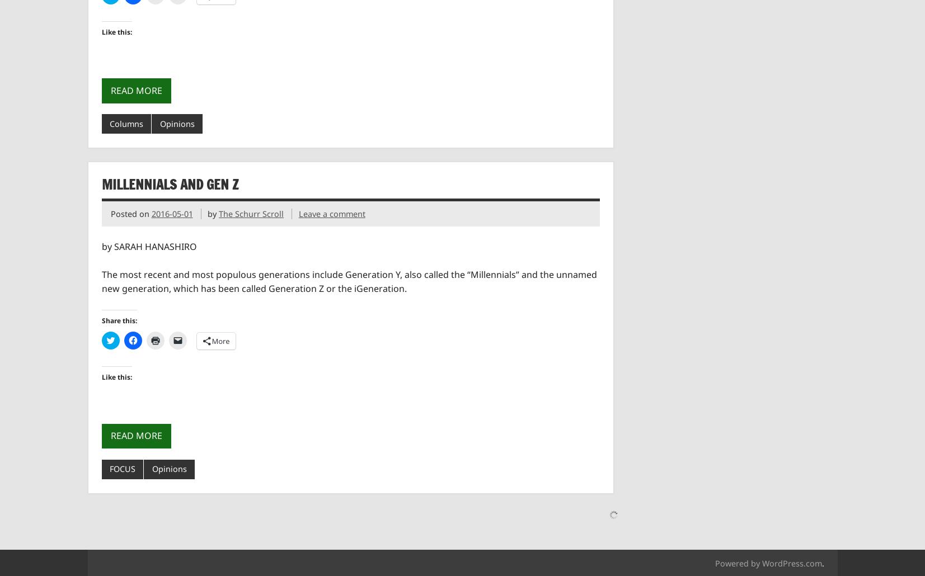 This screenshot has width=925, height=576. I want to click on 'by', so click(206, 213).